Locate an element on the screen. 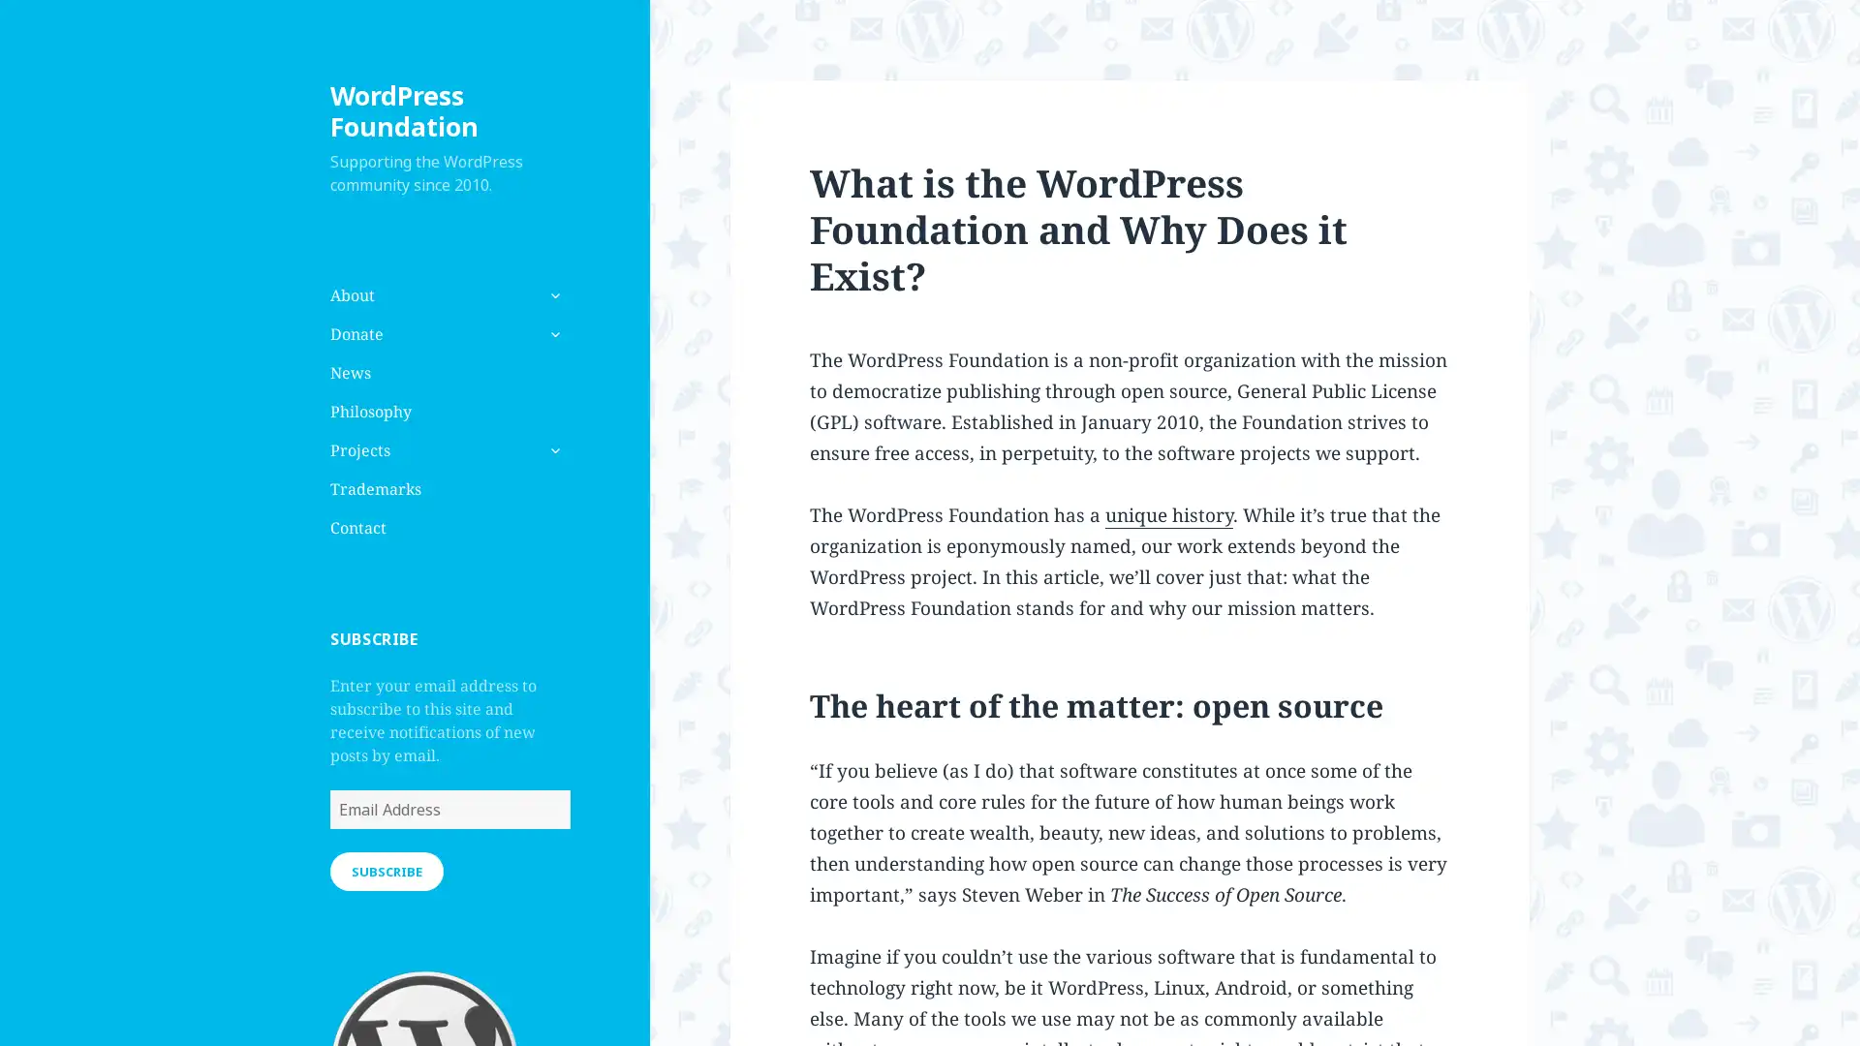  expand child menu is located at coordinates (552, 294).